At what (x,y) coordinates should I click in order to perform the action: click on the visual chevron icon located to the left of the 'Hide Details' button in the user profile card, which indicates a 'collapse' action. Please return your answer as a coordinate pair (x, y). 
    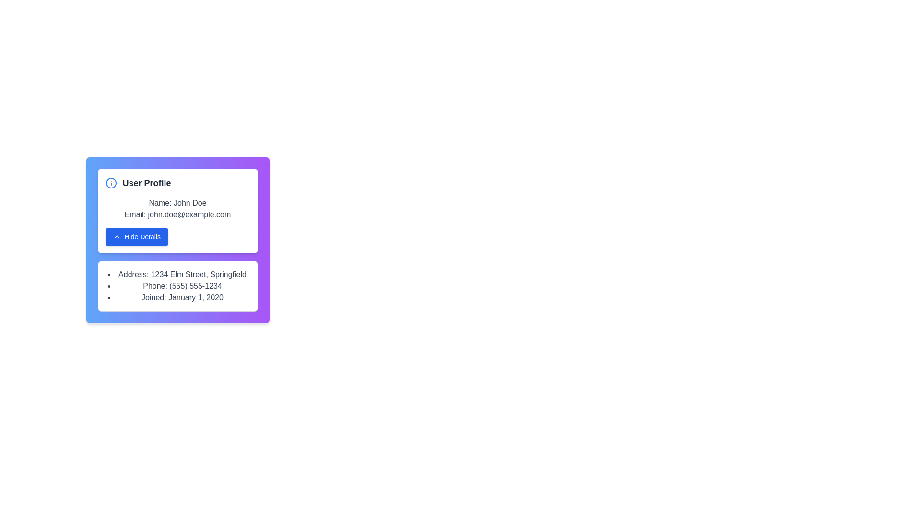
    Looking at the image, I should click on (116, 236).